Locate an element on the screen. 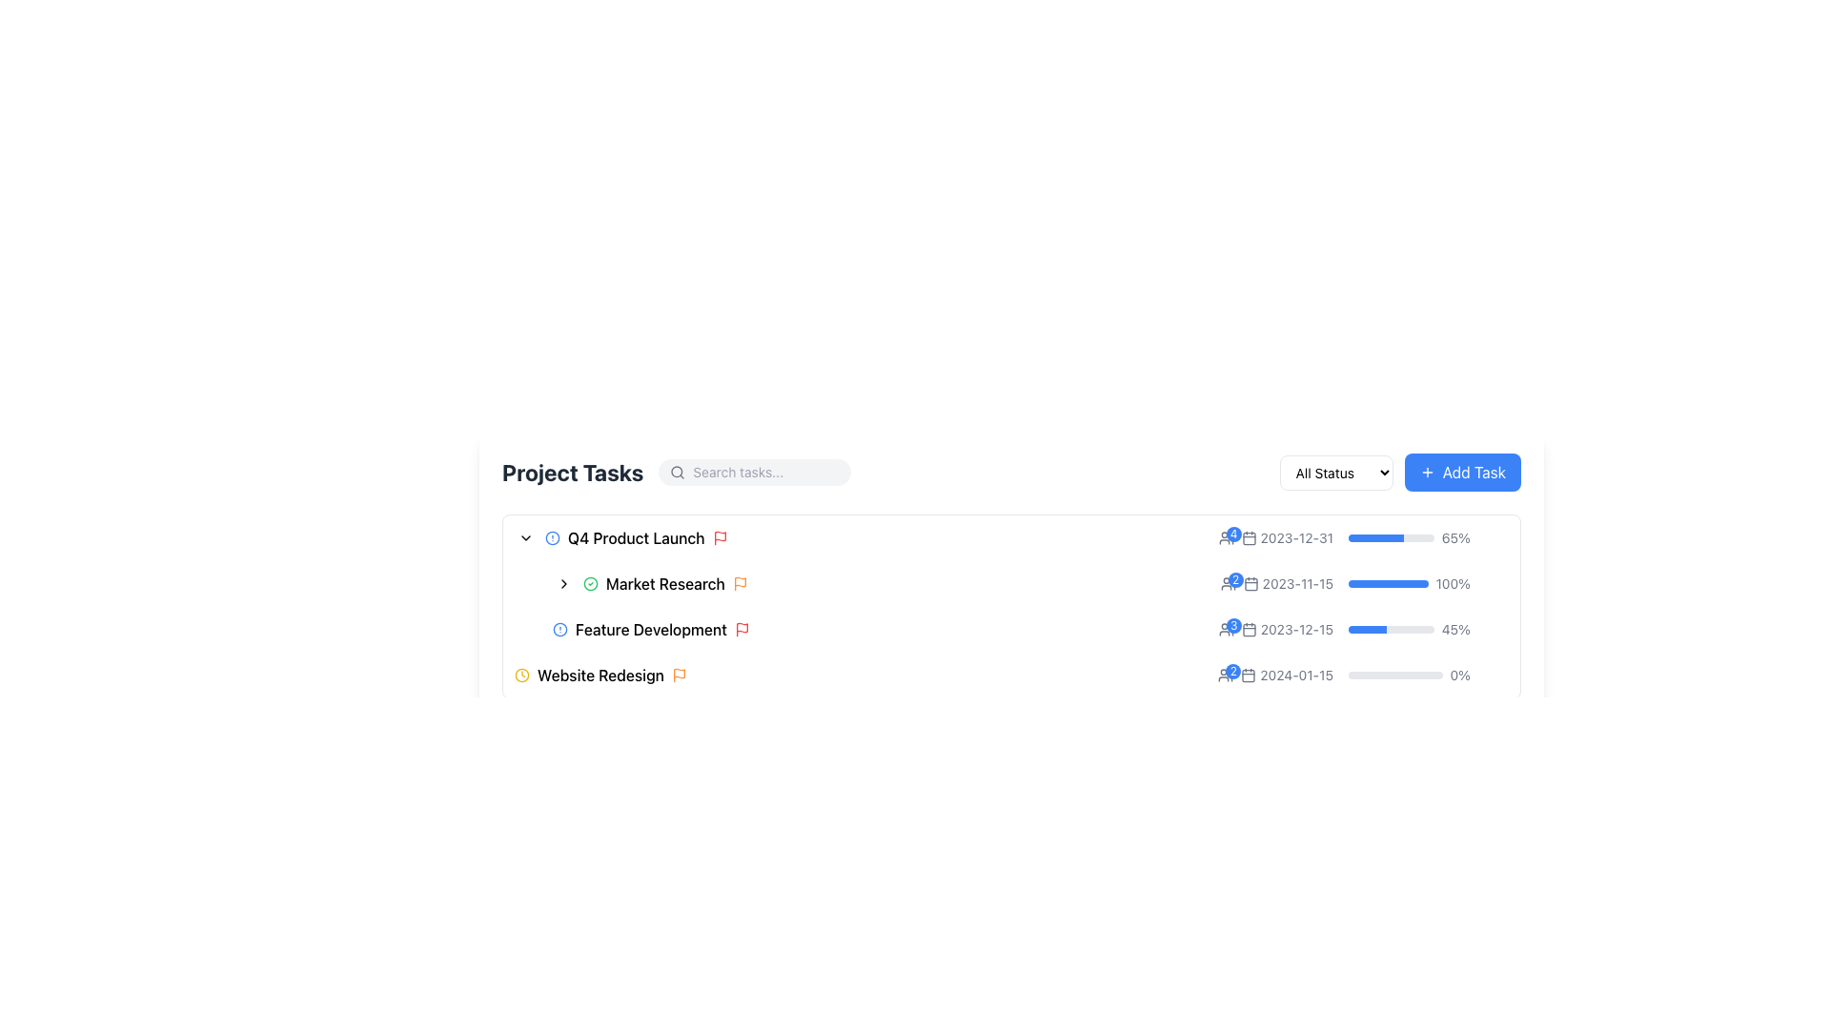 Image resolution: width=1830 pixels, height=1029 pixels. the 'Feature Development' task item in the project management interface, which is the third item in the 'Project Tasks' list is located at coordinates (1029, 629).